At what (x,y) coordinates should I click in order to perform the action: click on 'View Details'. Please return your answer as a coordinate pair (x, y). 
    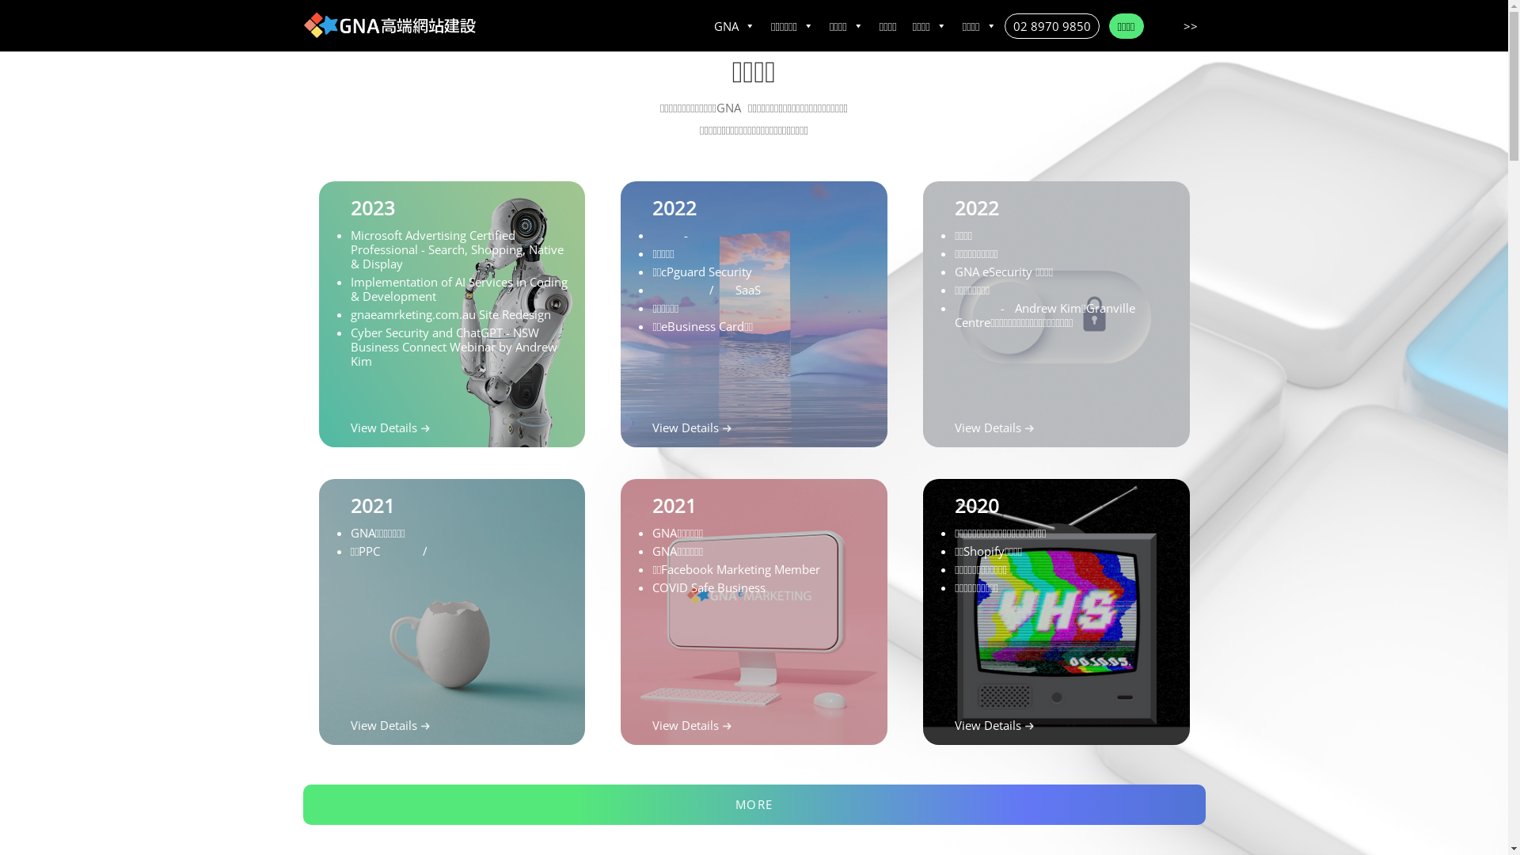
    Looking at the image, I should click on (987, 724).